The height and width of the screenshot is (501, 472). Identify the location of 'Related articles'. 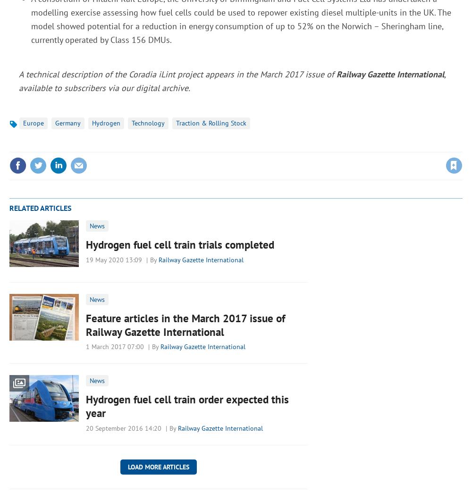
(40, 208).